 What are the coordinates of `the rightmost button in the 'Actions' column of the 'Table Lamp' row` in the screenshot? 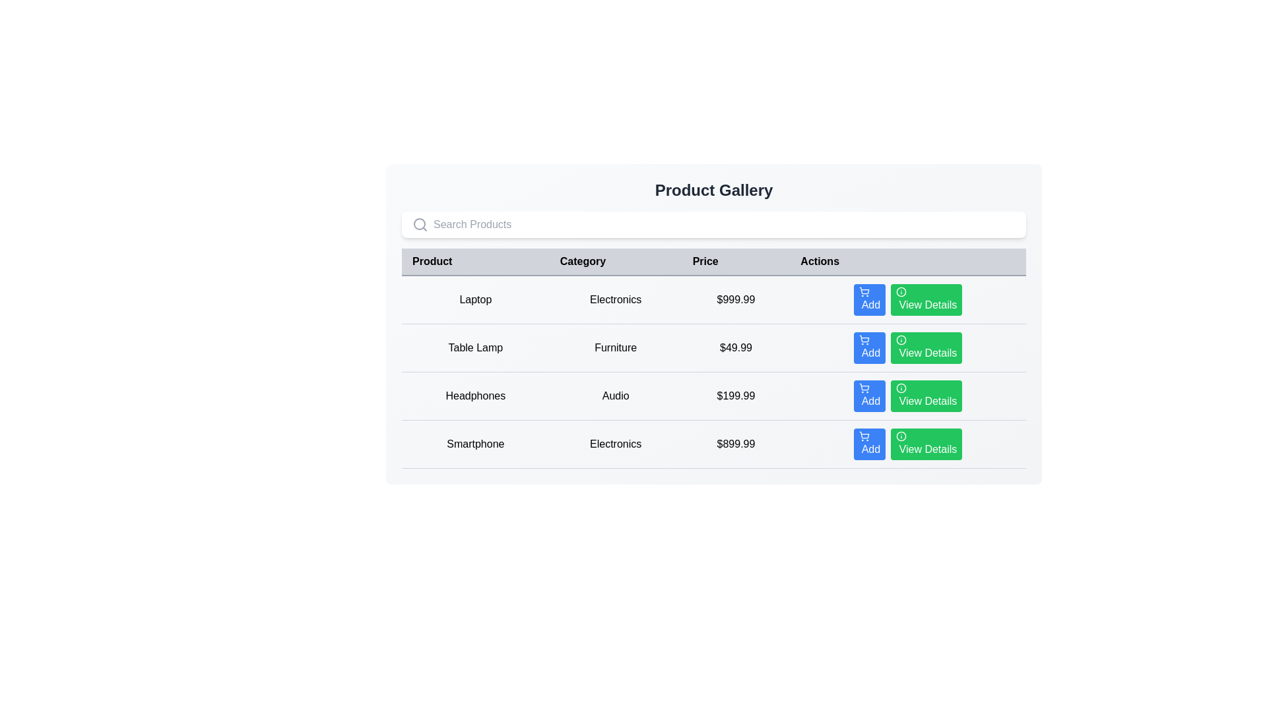 It's located at (907, 347).